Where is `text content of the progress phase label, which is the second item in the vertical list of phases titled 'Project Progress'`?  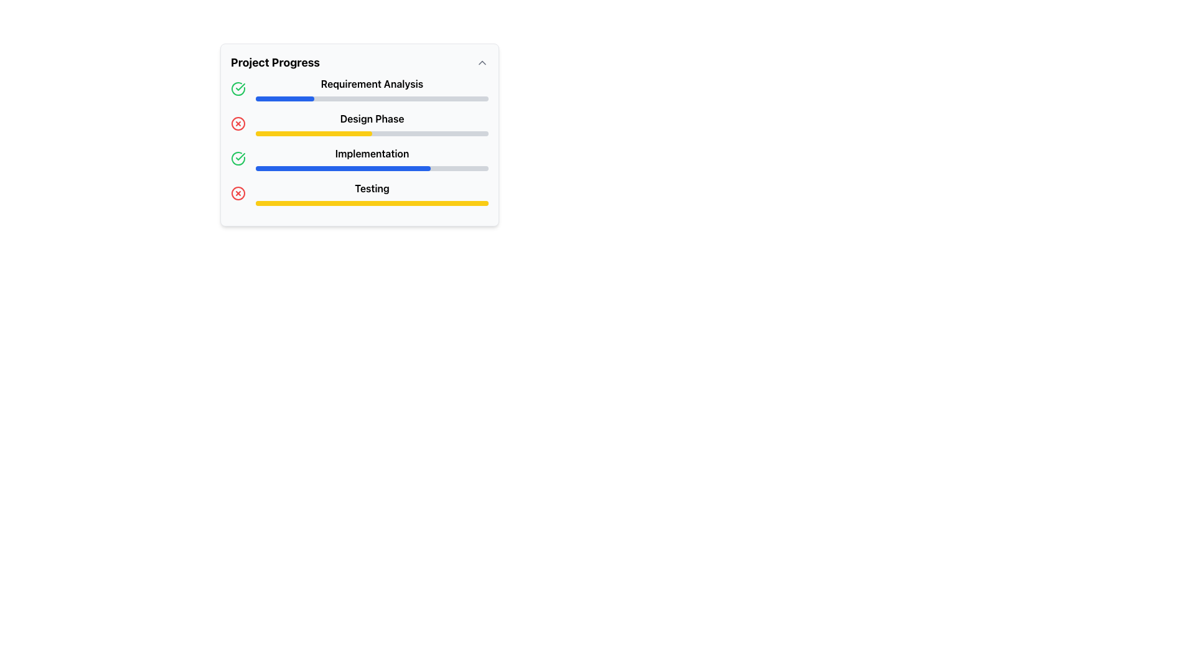 text content of the progress phase label, which is the second item in the vertical list of phases titled 'Project Progress' is located at coordinates (372, 124).